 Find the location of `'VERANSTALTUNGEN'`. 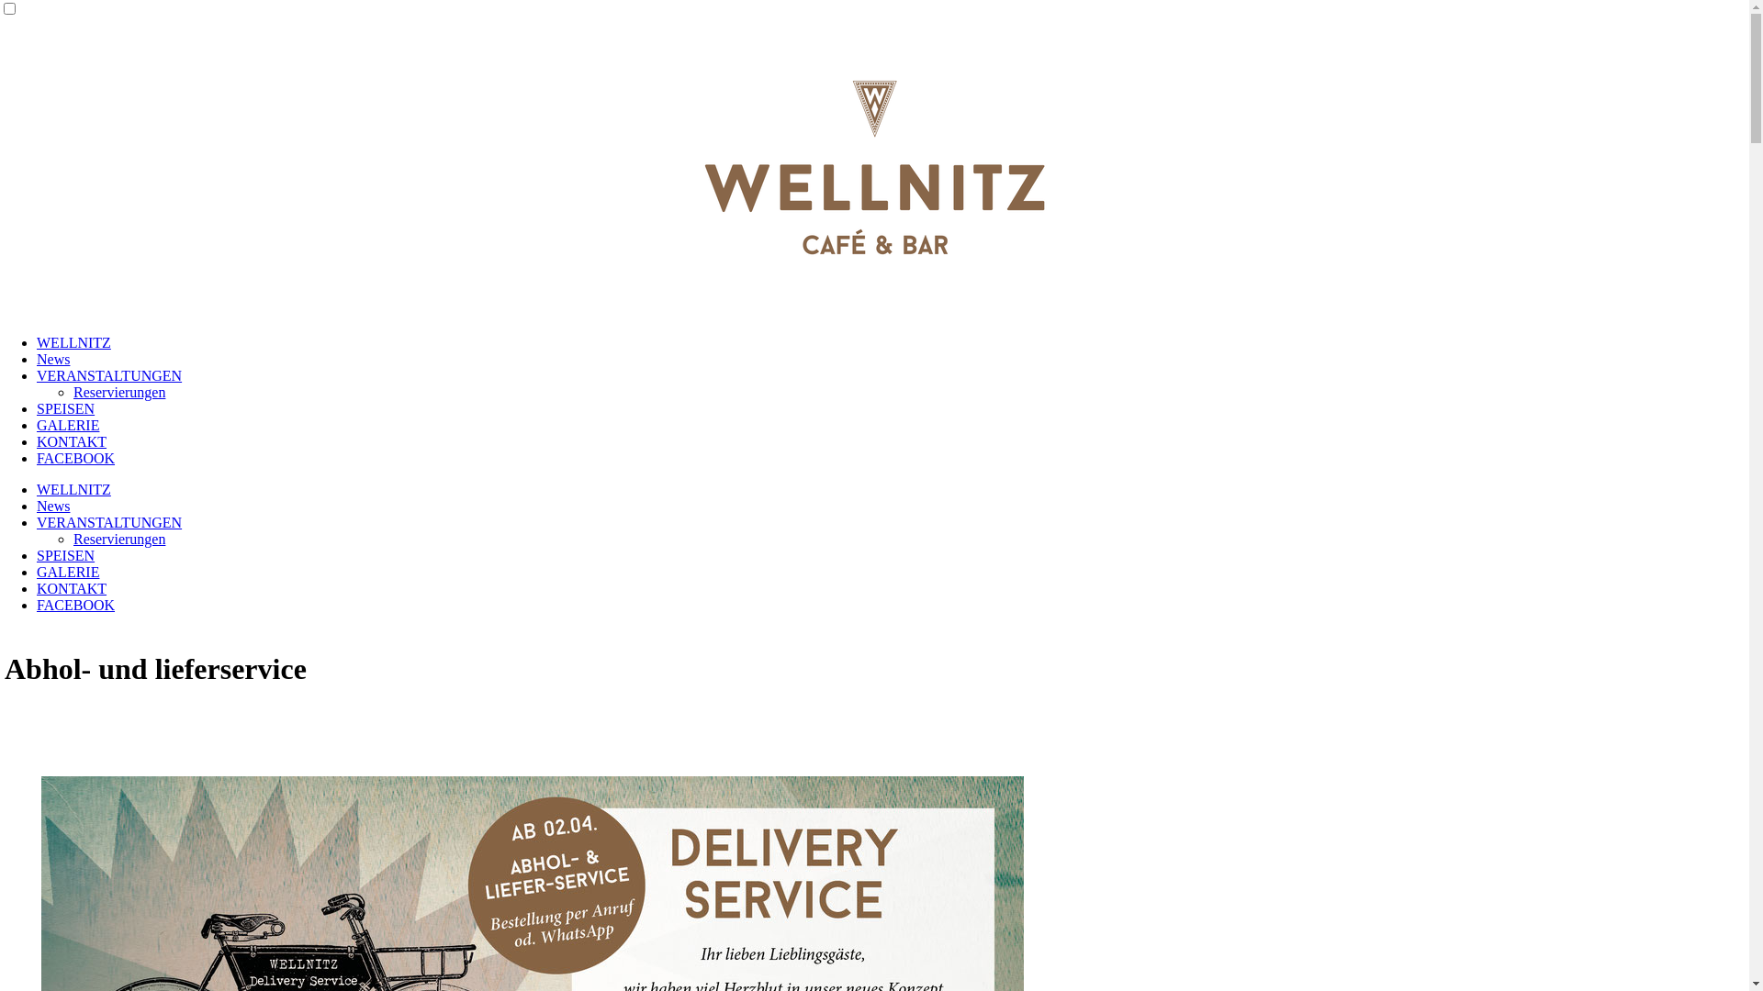

'VERANSTALTUNGEN' is located at coordinates (108, 374).